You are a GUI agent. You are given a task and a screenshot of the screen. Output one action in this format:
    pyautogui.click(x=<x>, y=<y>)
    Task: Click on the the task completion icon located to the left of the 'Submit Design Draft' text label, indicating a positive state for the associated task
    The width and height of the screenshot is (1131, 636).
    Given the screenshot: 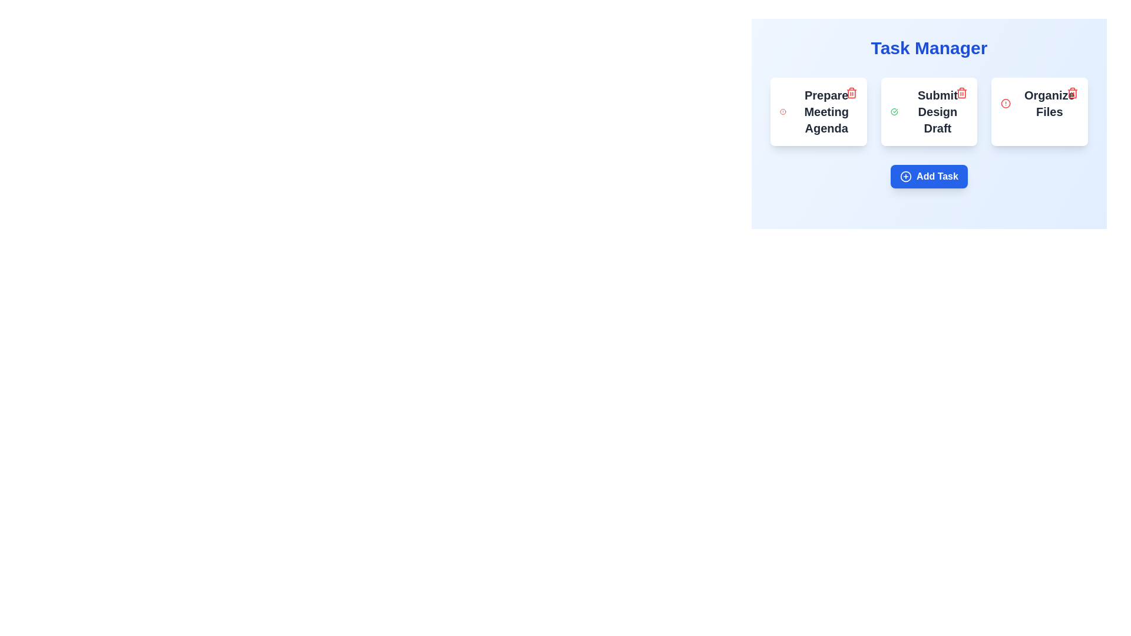 What is the action you would take?
    pyautogui.click(x=894, y=111)
    